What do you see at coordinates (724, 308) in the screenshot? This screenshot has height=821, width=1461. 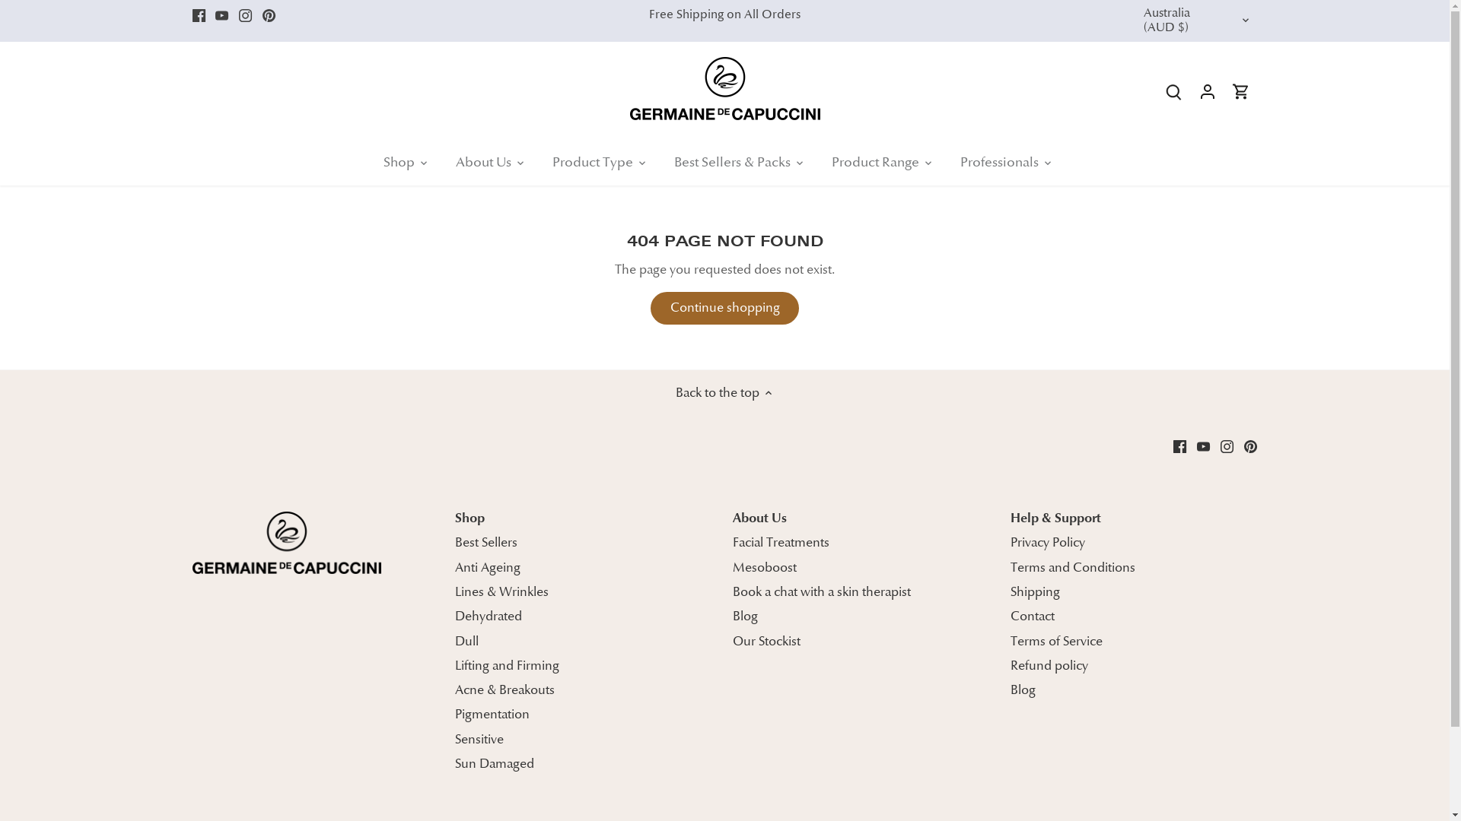 I see `'Continue shopping'` at bounding box center [724, 308].